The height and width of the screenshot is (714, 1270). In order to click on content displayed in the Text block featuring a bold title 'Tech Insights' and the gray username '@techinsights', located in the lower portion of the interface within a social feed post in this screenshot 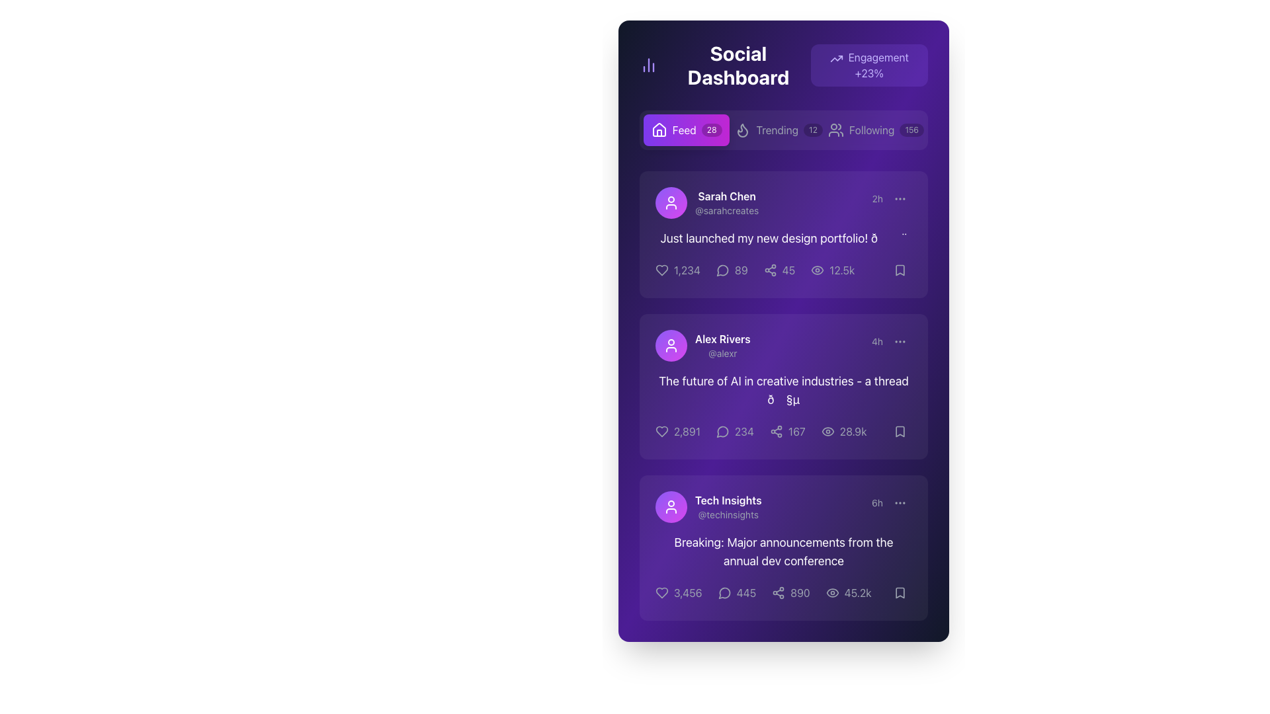, I will do `click(728, 506)`.